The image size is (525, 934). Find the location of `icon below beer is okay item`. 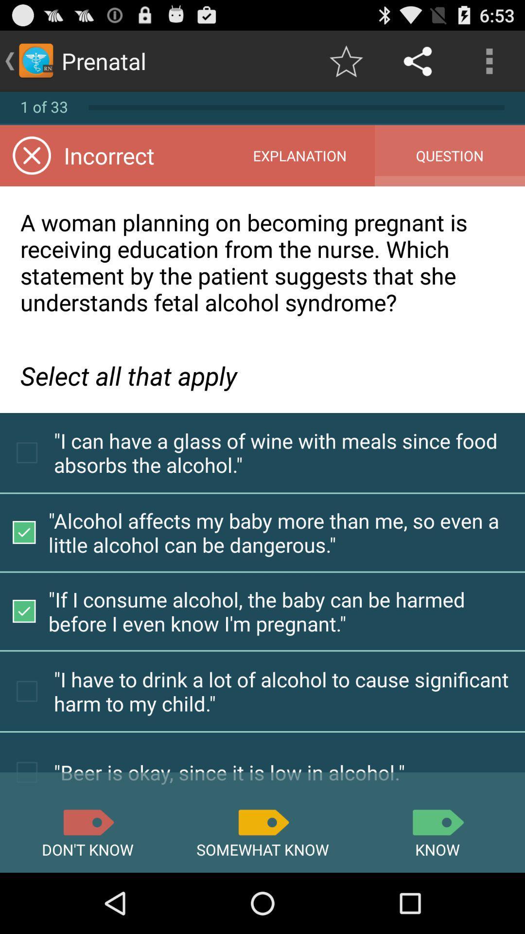

icon below beer is okay item is located at coordinates (87, 822).